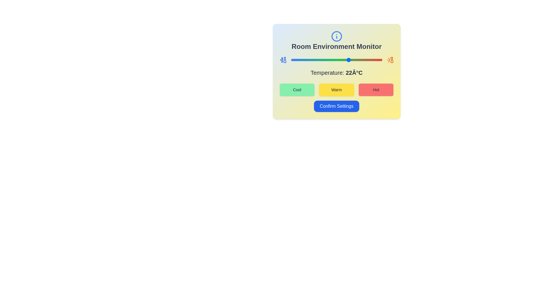  I want to click on the temperature slider to -2°C, so click(305, 60).